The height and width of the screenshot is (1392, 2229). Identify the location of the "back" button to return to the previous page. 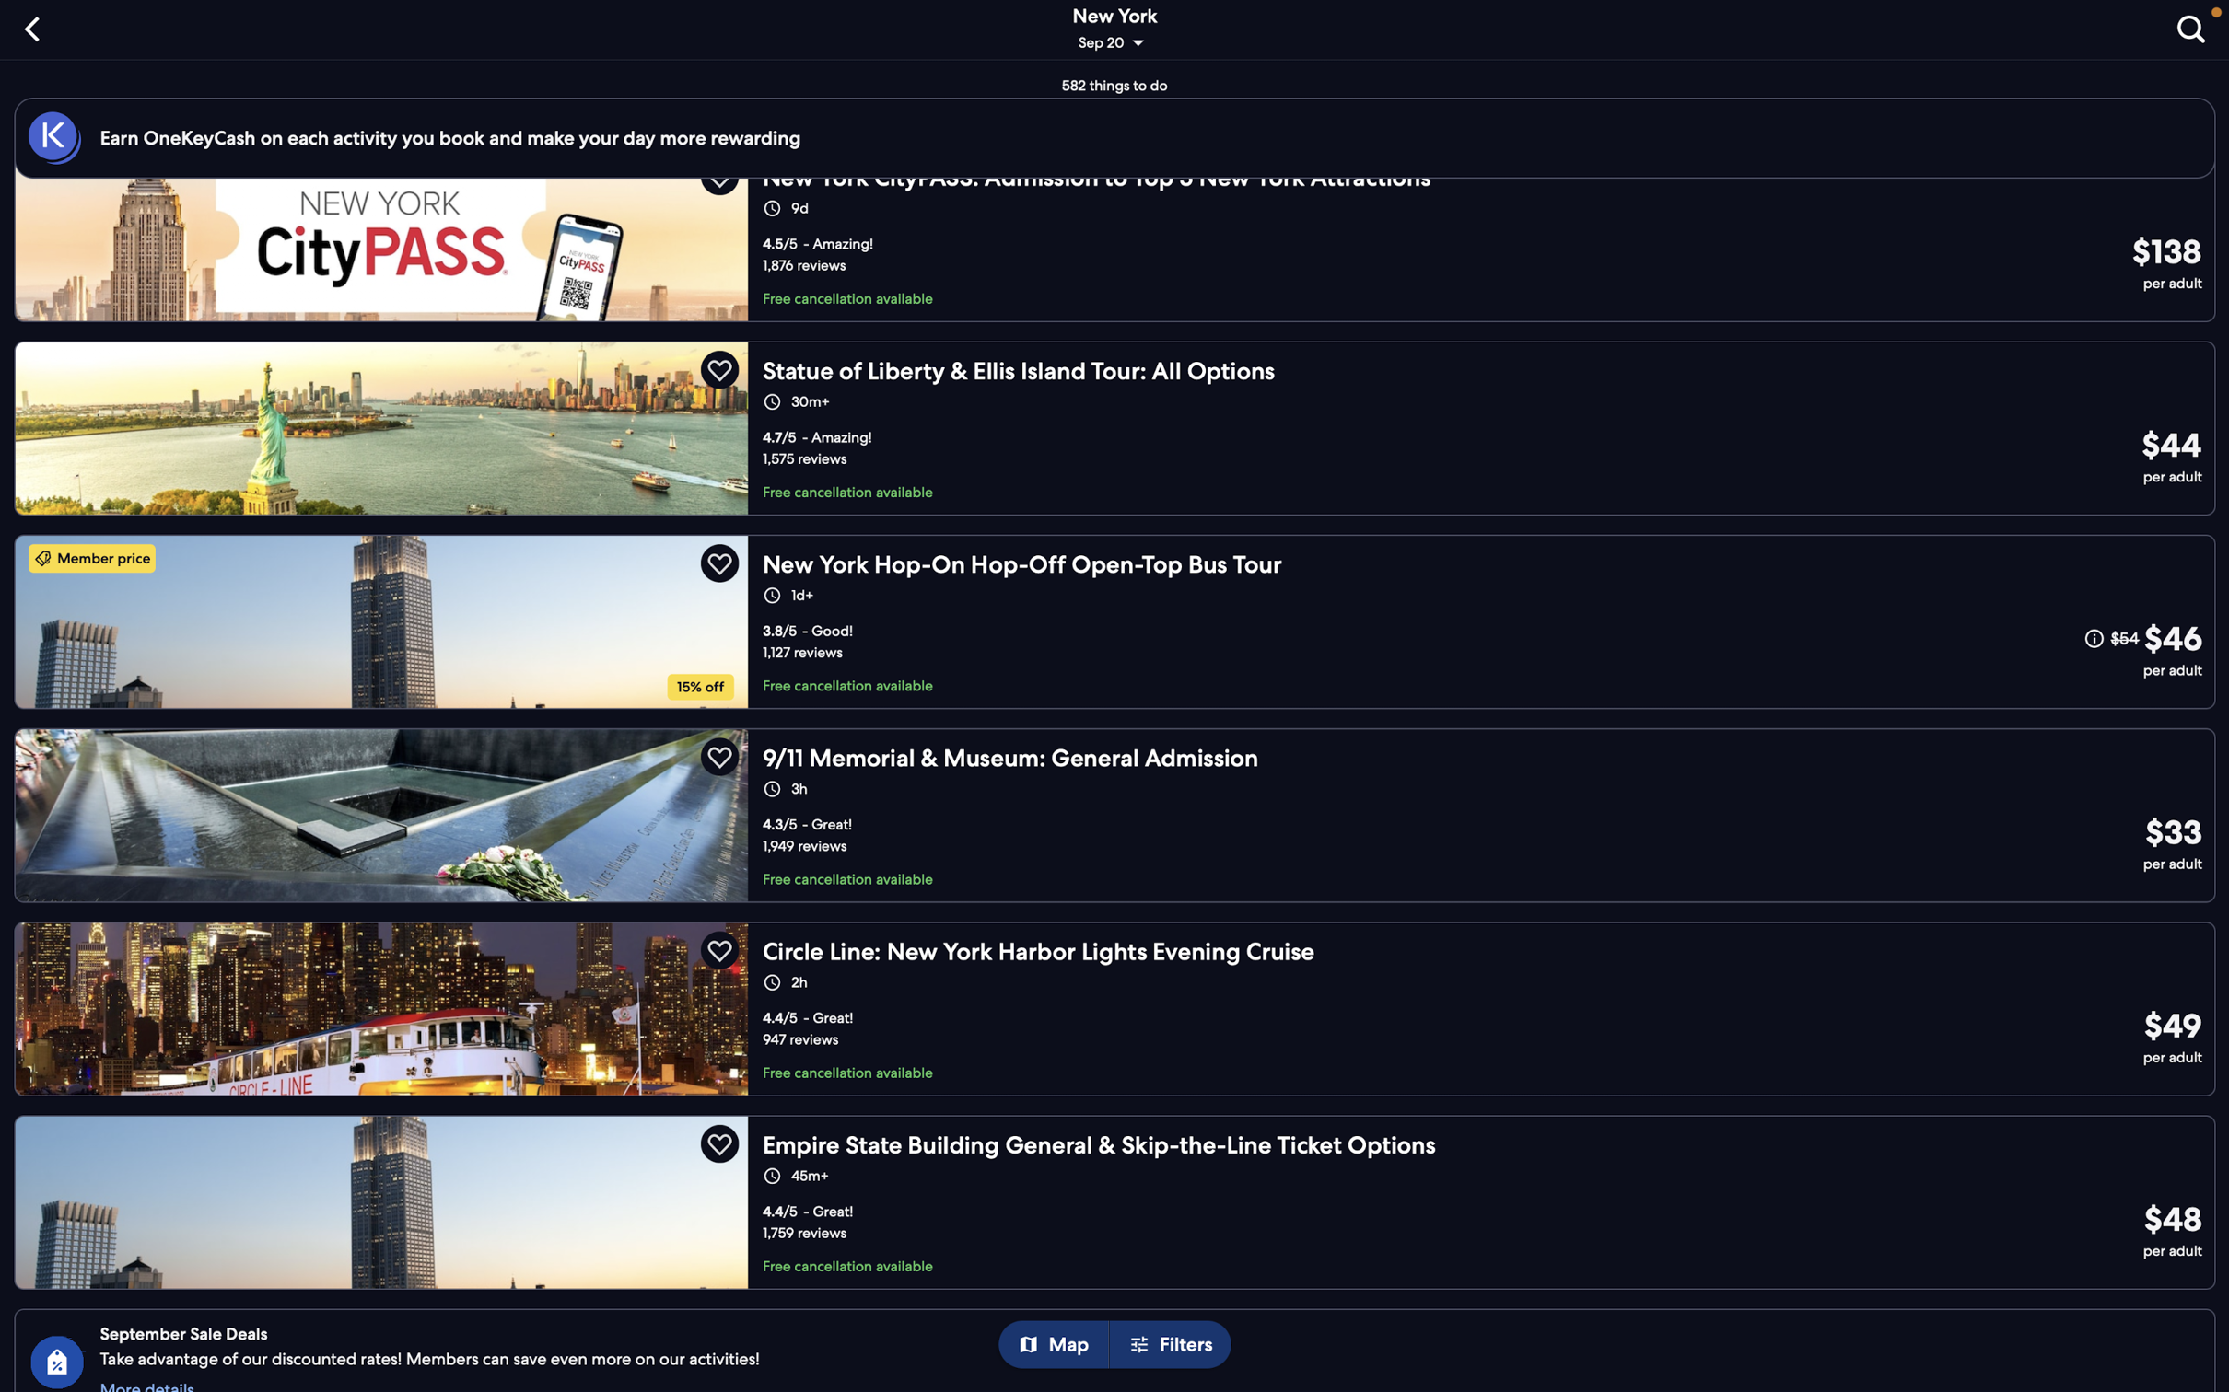
(36, 27).